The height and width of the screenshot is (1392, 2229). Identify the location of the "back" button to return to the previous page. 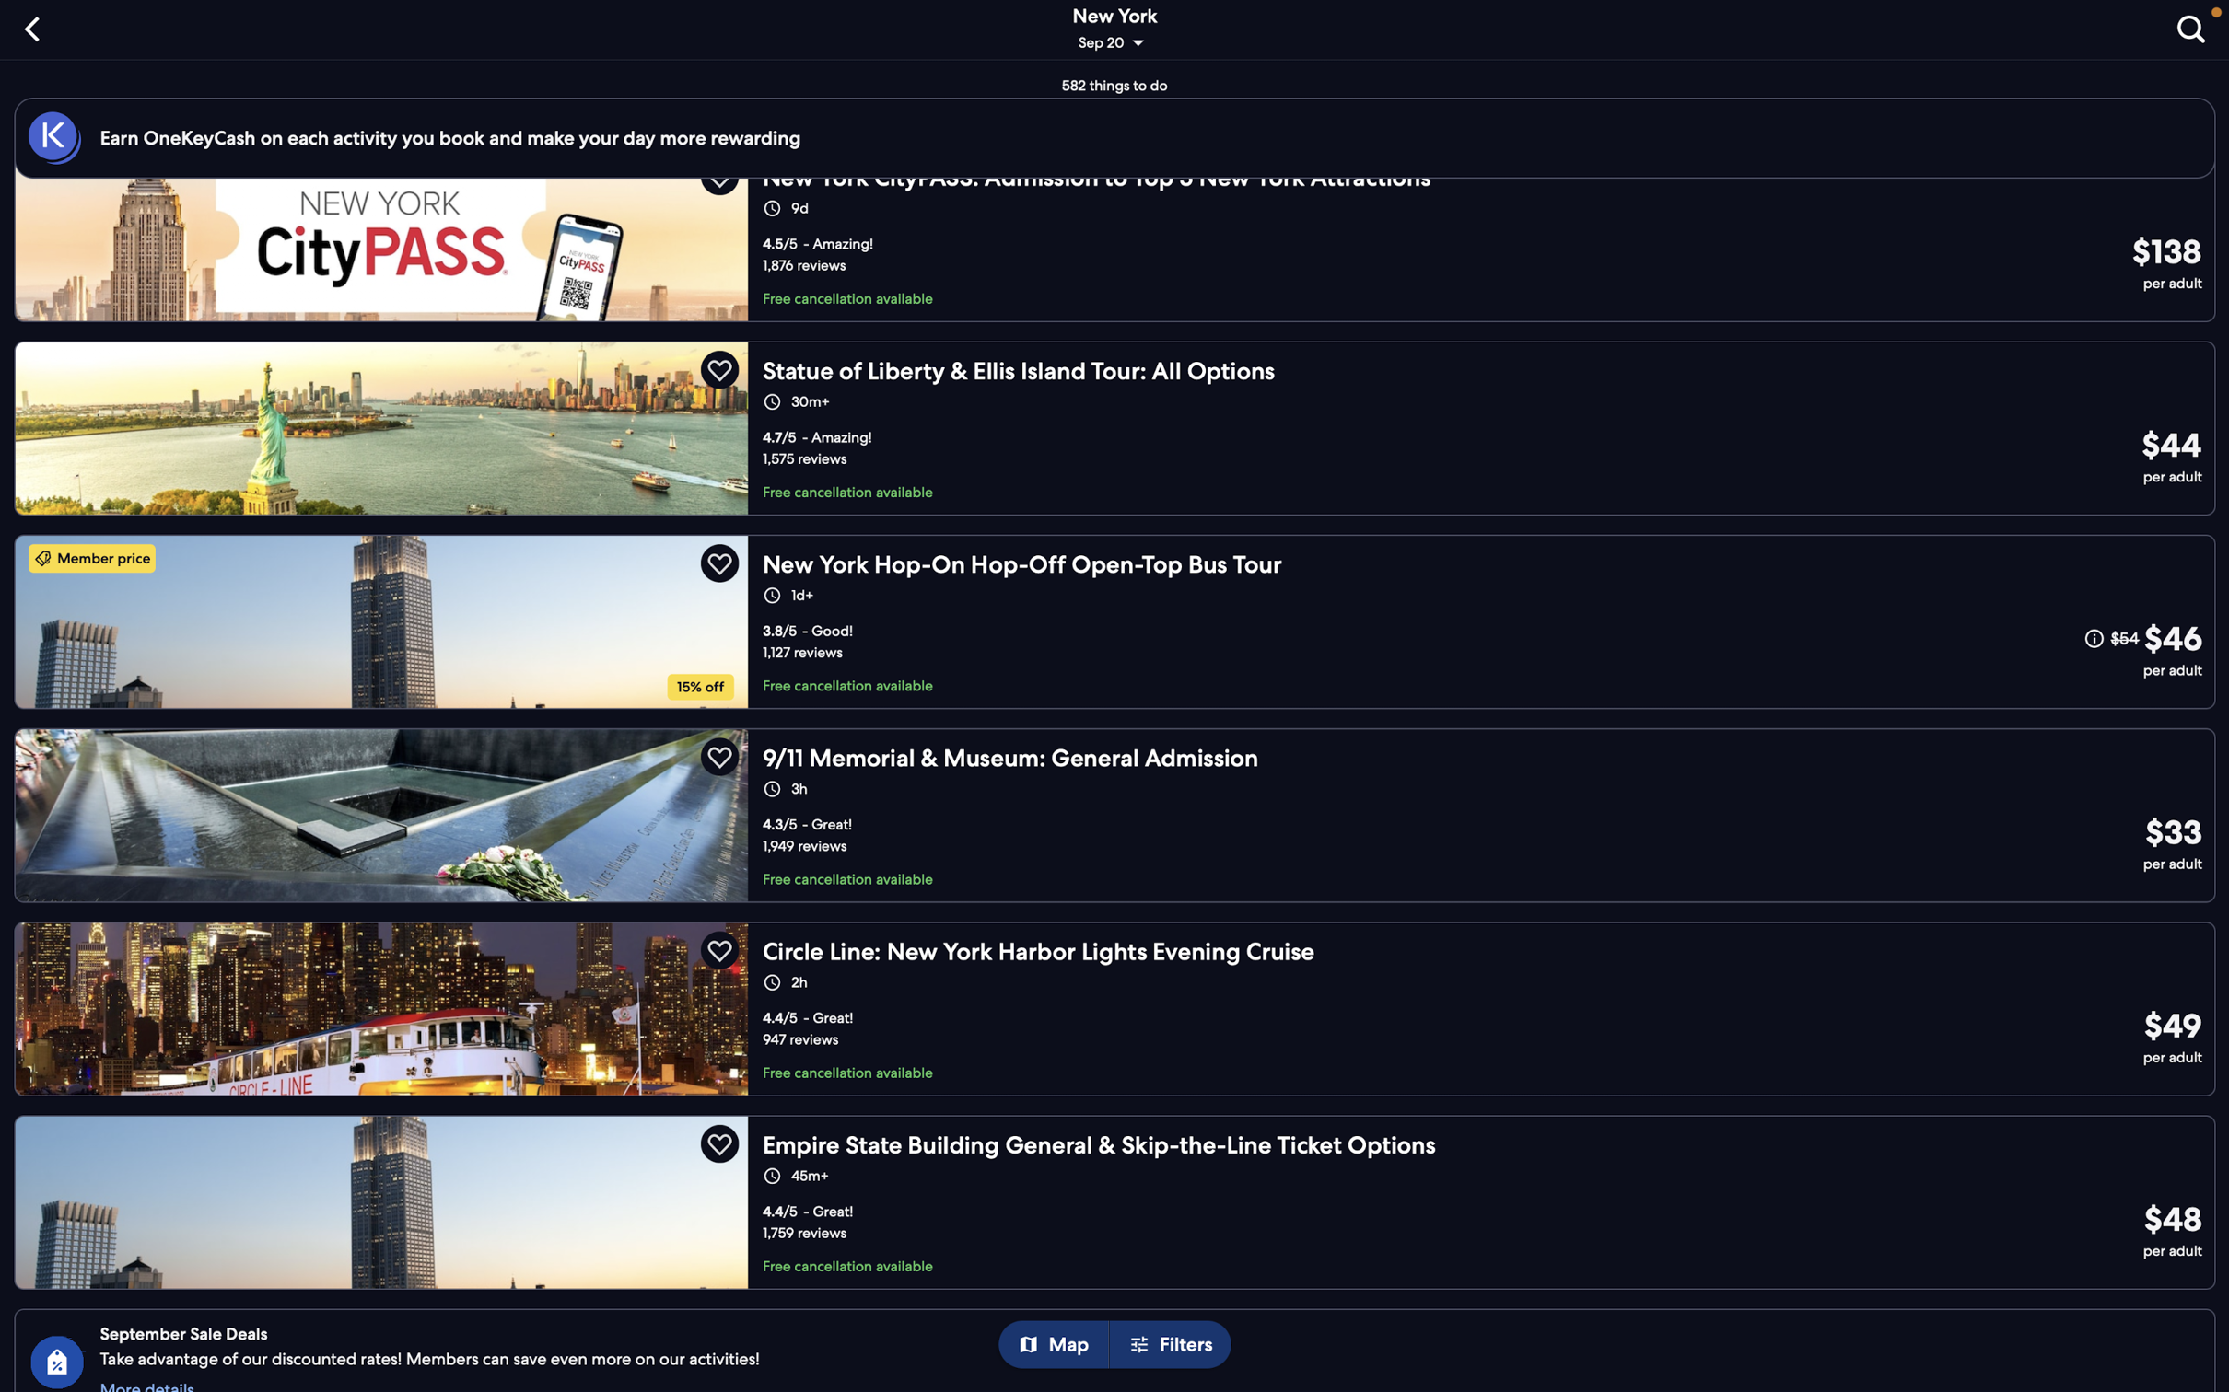
(36, 27).